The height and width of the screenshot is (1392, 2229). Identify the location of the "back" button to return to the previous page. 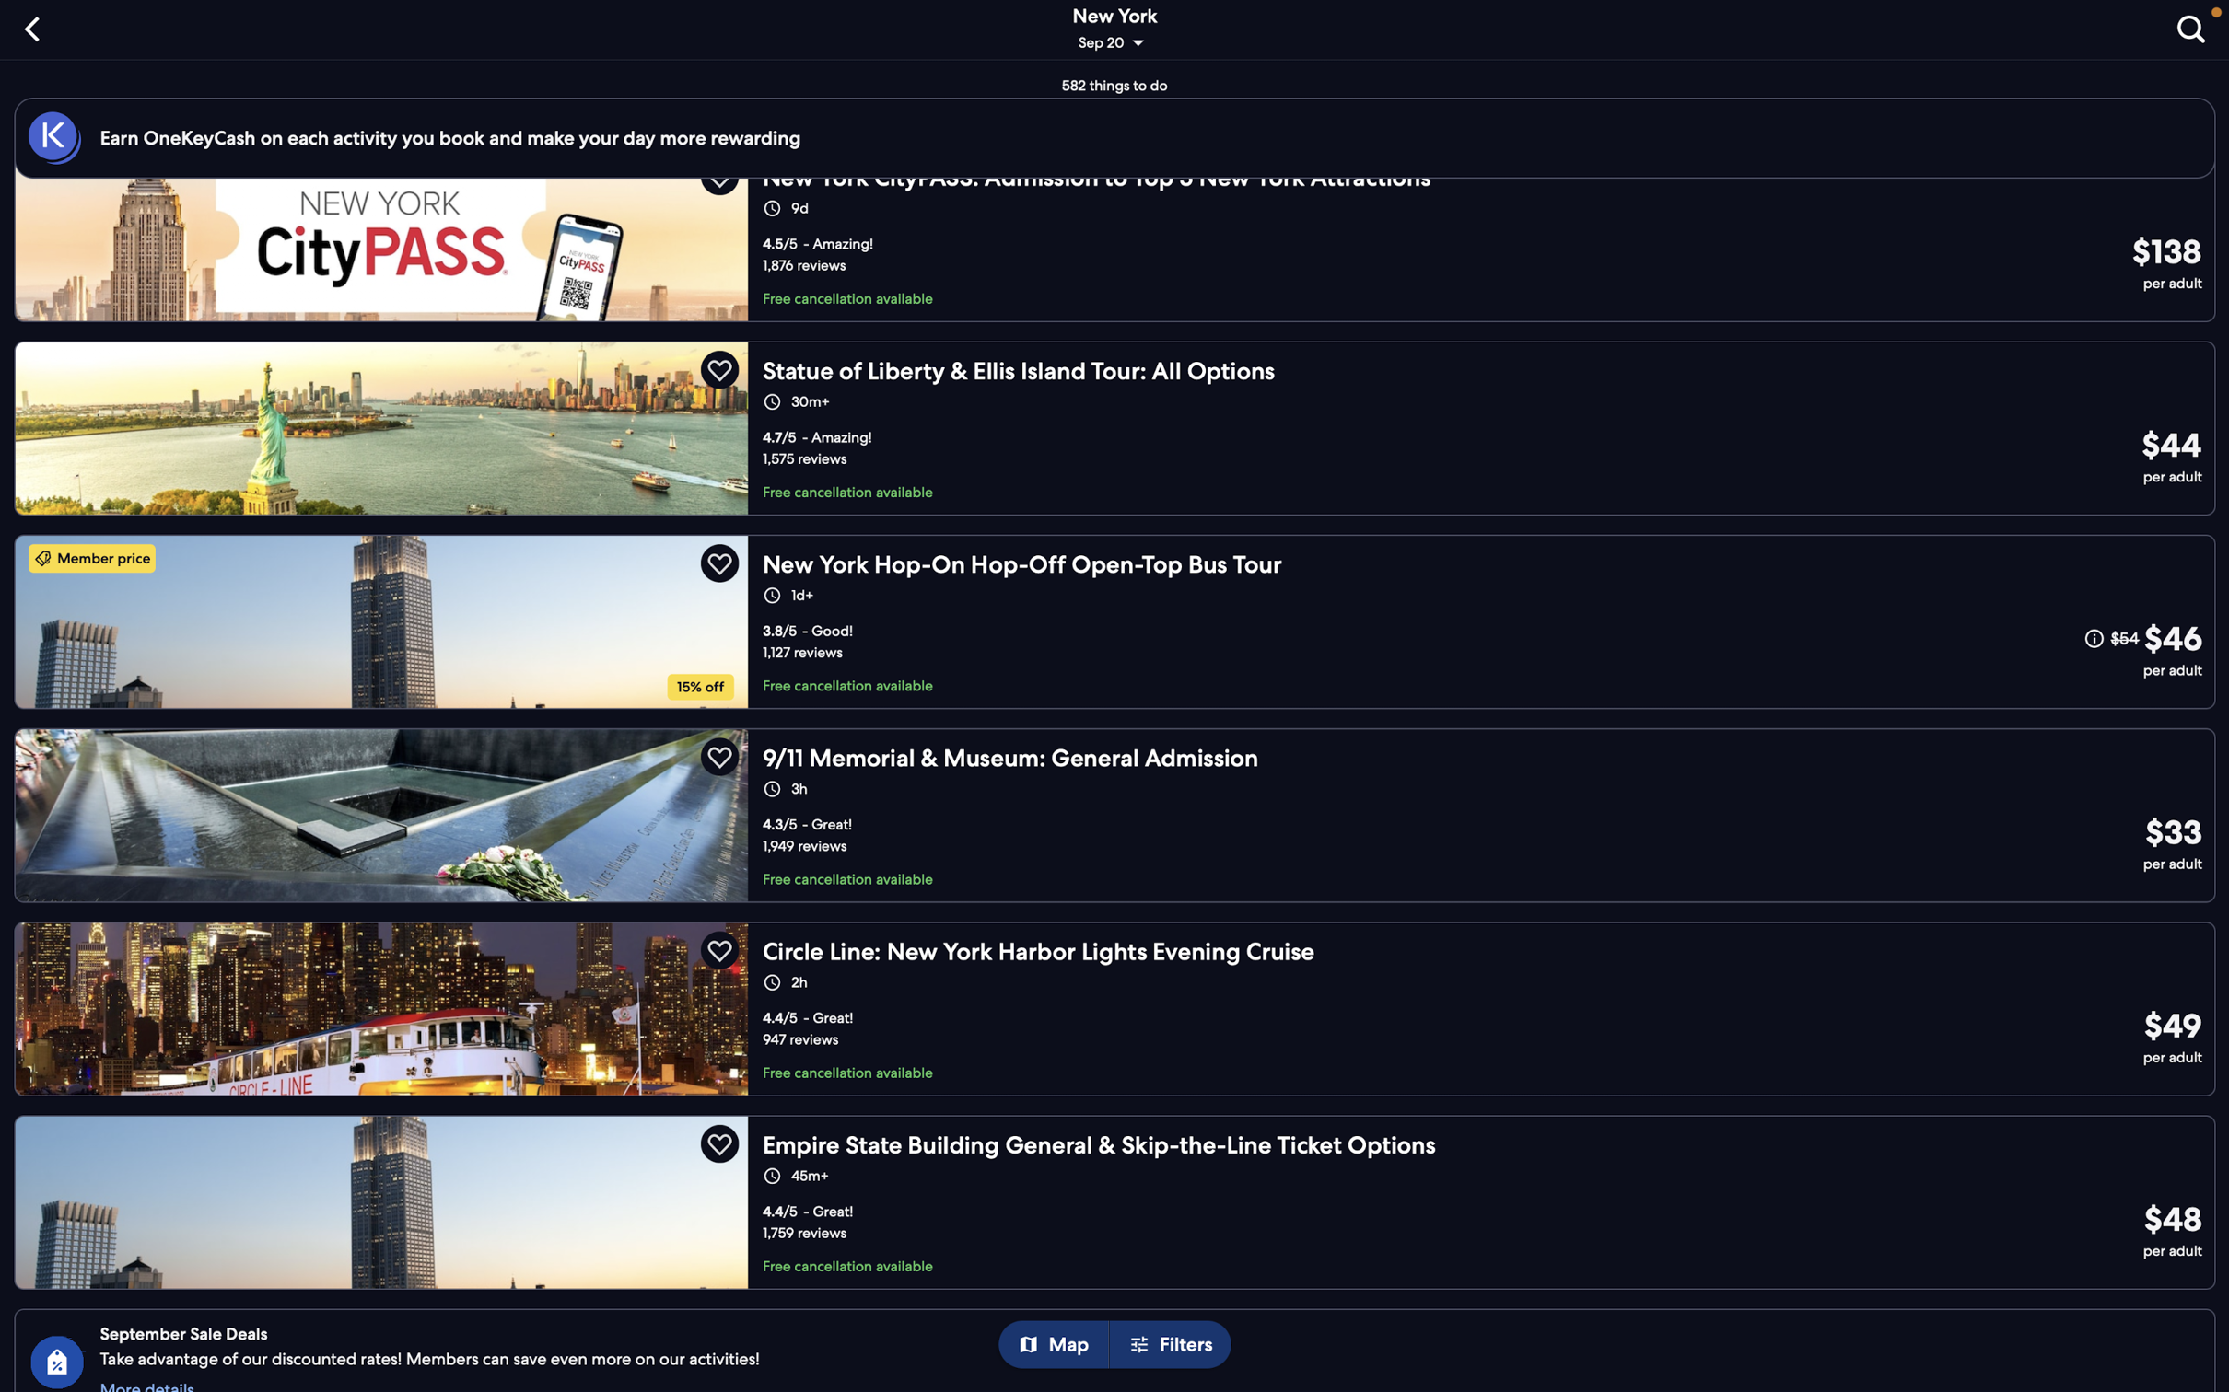
(36, 27).